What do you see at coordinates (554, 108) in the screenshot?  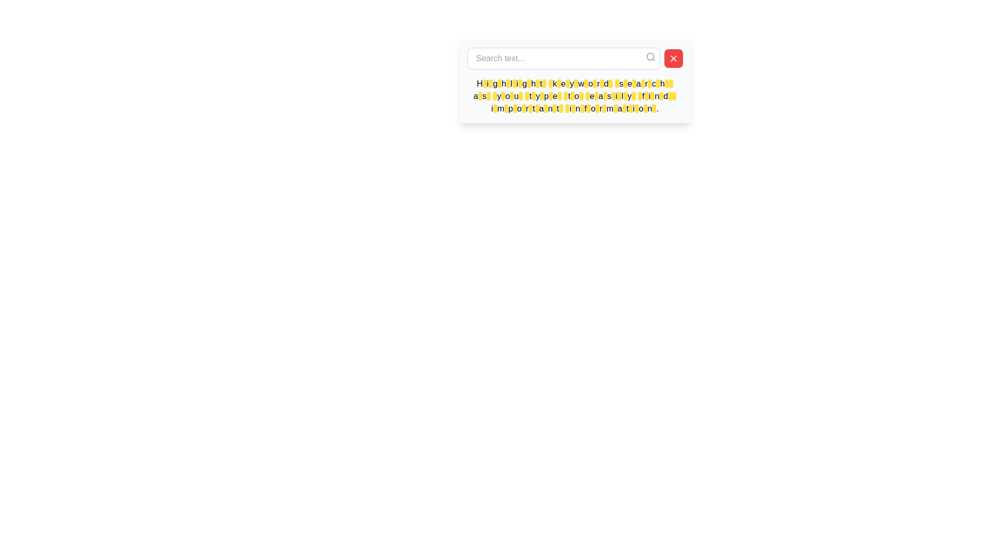 I see `the highlighted text span with a yellow background and black solid filling, which is part of the statement 'Highlight keyword search as you type to easily find important information'` at bounding box center [554, 108].